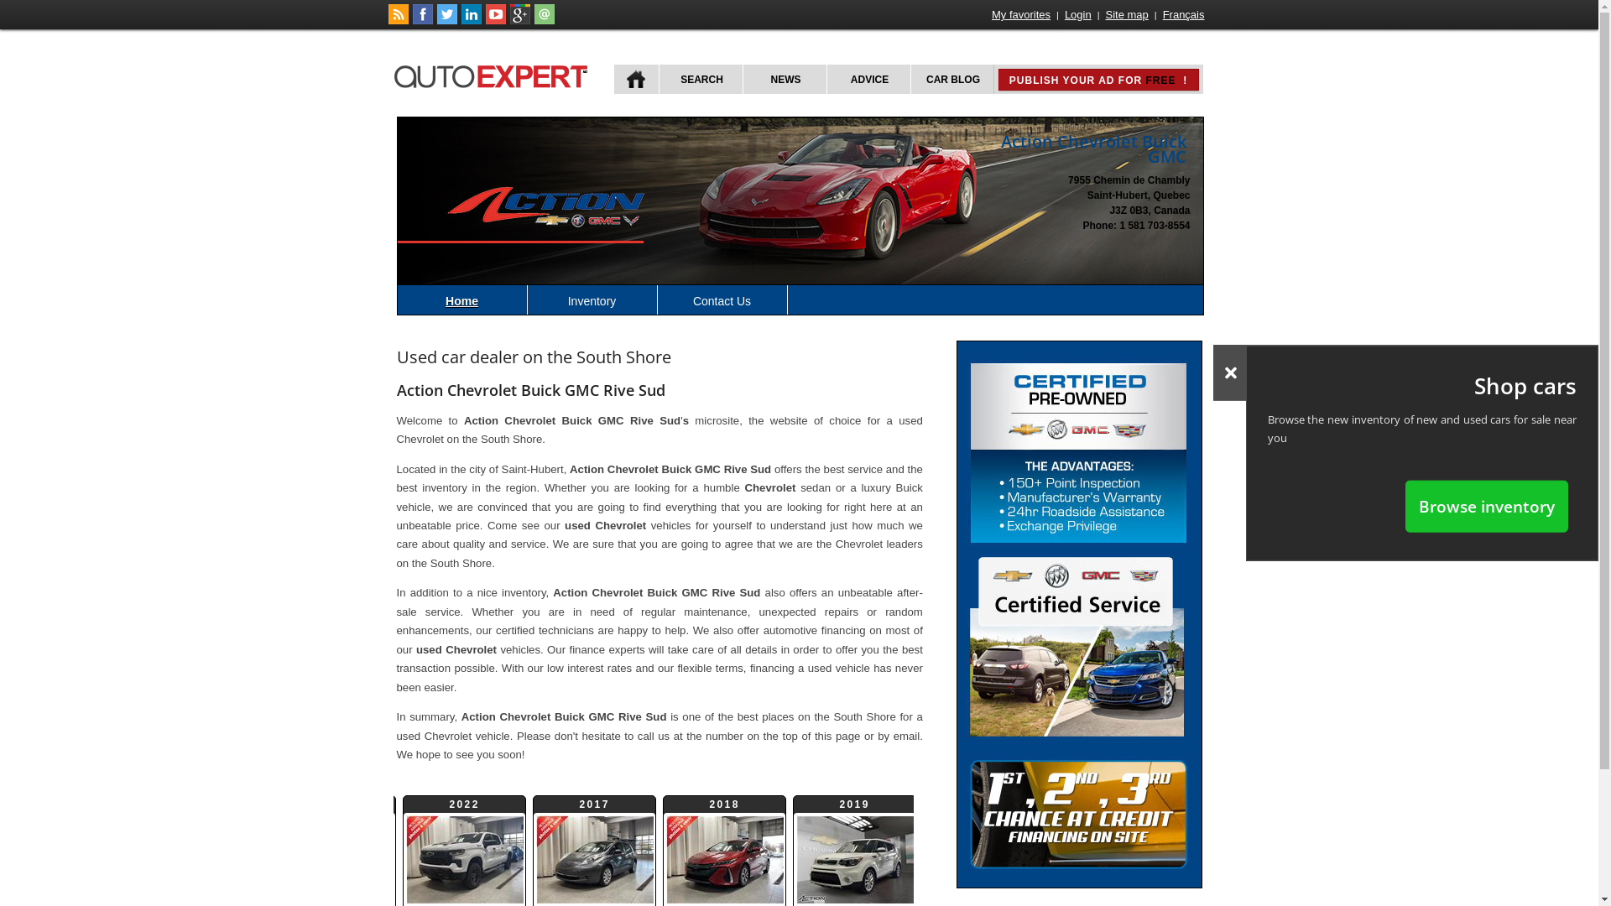  Describe the element at coordinates (635, 79) in the screenshot. I see `'HOME'` at that location.